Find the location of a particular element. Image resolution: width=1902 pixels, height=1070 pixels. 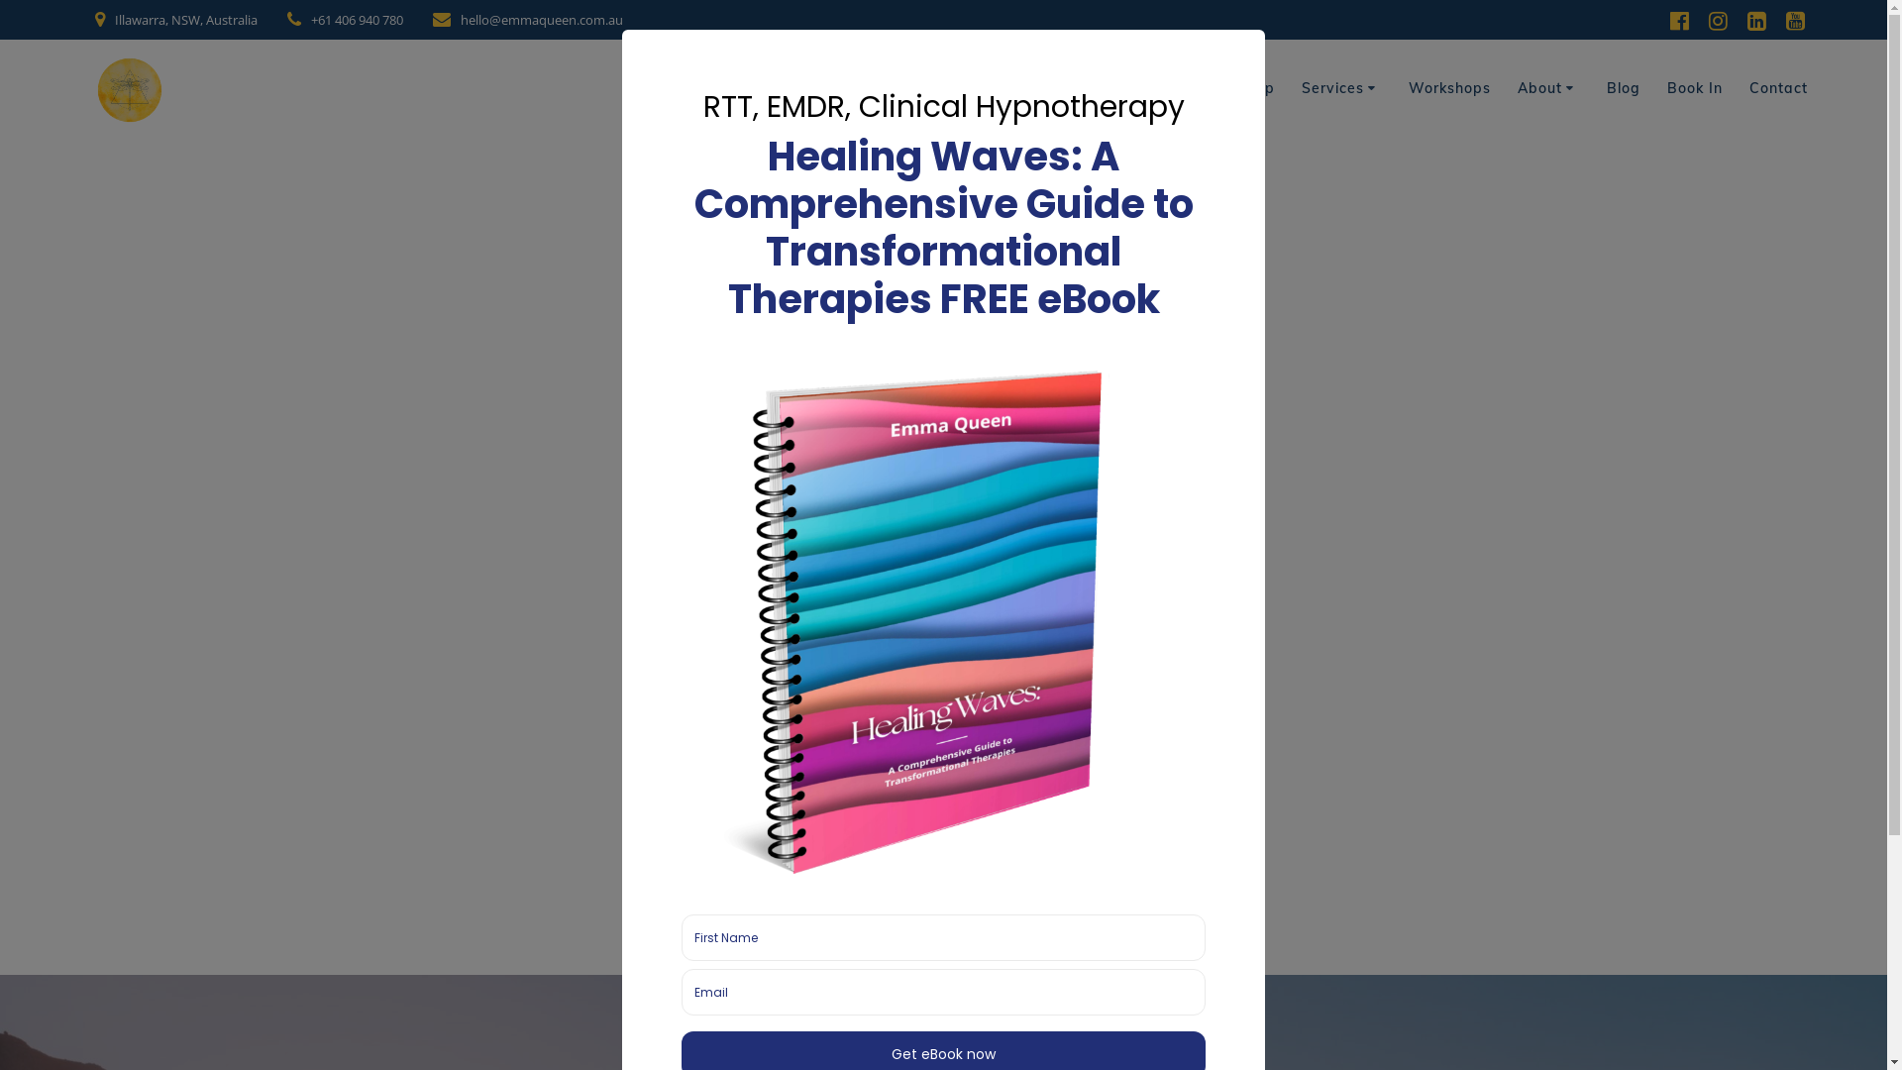

'Blog' is located at coordinates (1623, 89).